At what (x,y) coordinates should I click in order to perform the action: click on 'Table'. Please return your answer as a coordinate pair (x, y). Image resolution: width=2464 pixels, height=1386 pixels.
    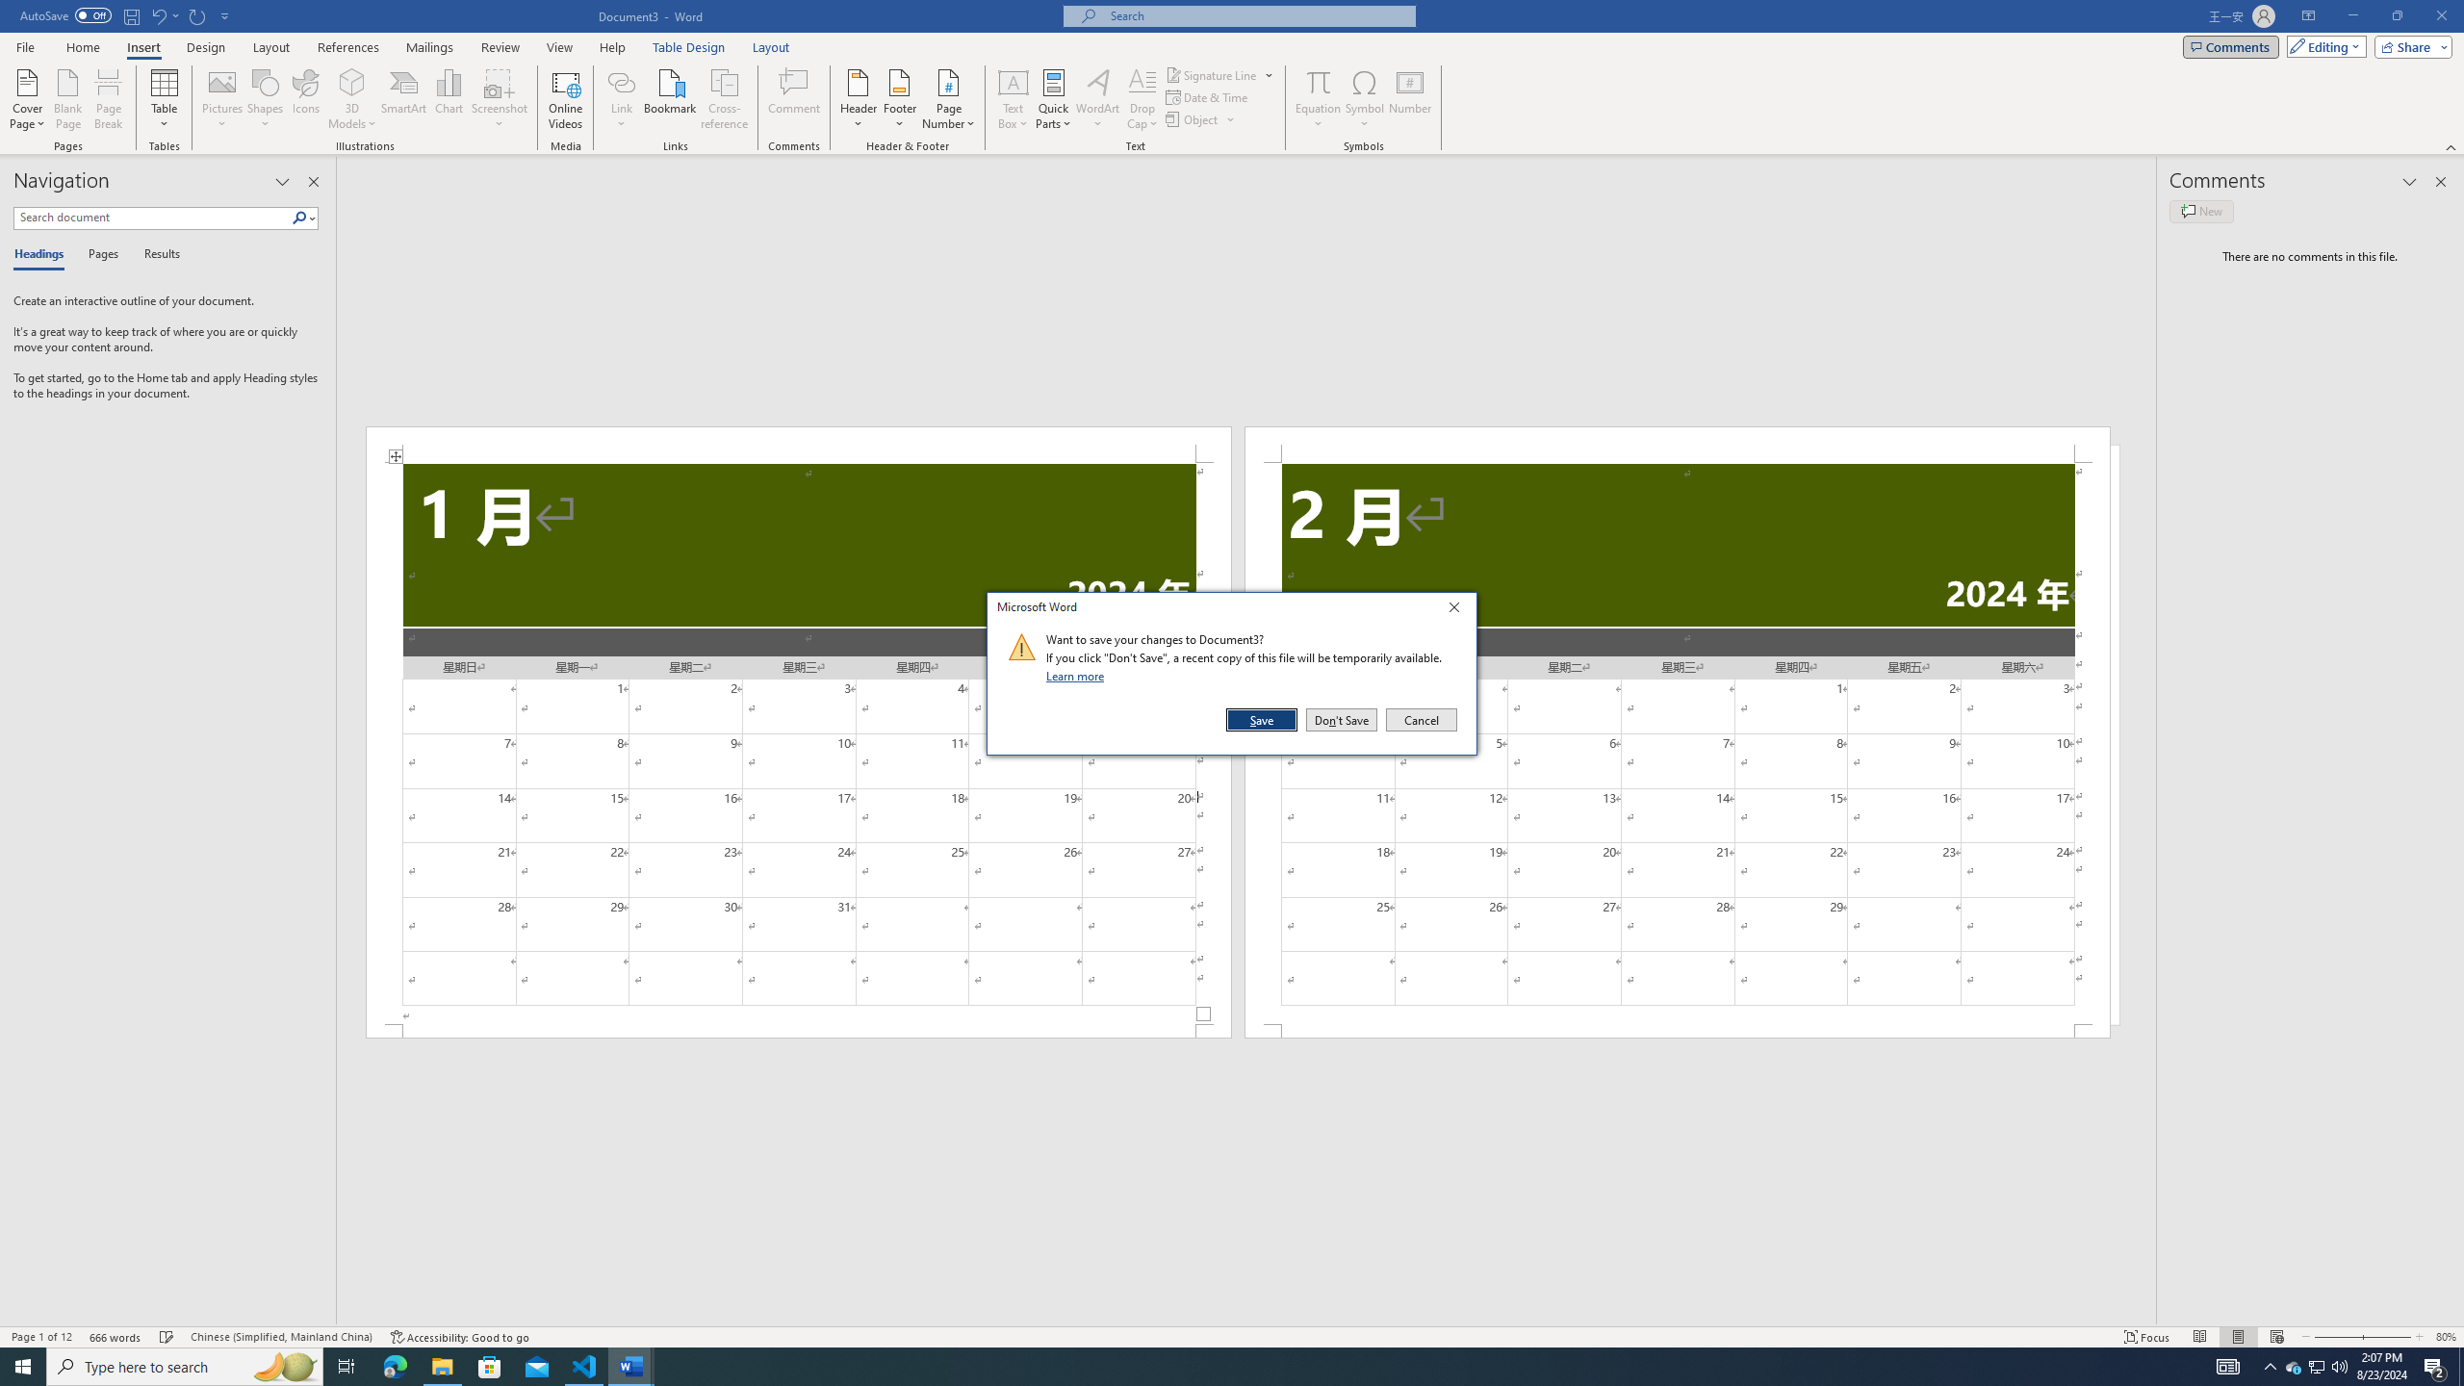
    Looking at the image, I should click on (165, 99).